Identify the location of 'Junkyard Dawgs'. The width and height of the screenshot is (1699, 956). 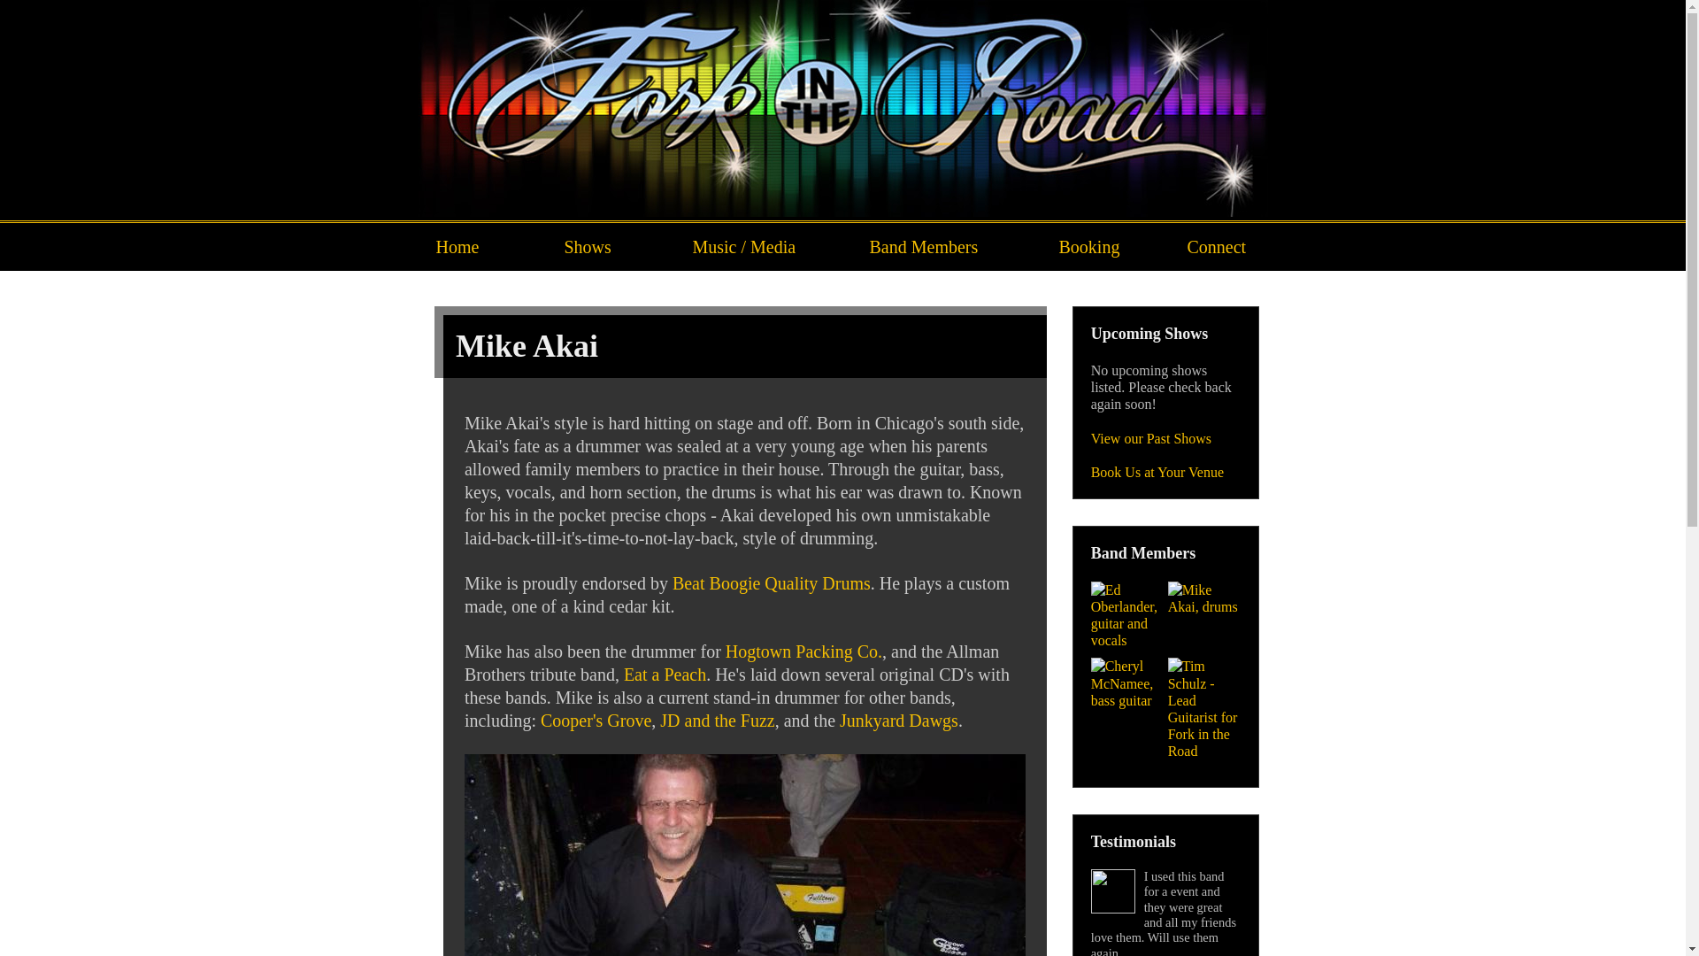
(899, 720).